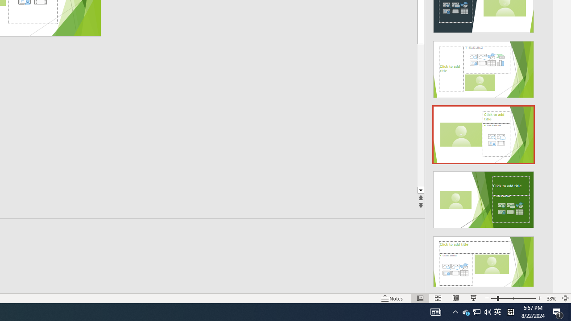 The image size is (571, 321). Describe the element at coordinates (493, 298) in the screenshot. I see `'Zoom Out'` at that location.